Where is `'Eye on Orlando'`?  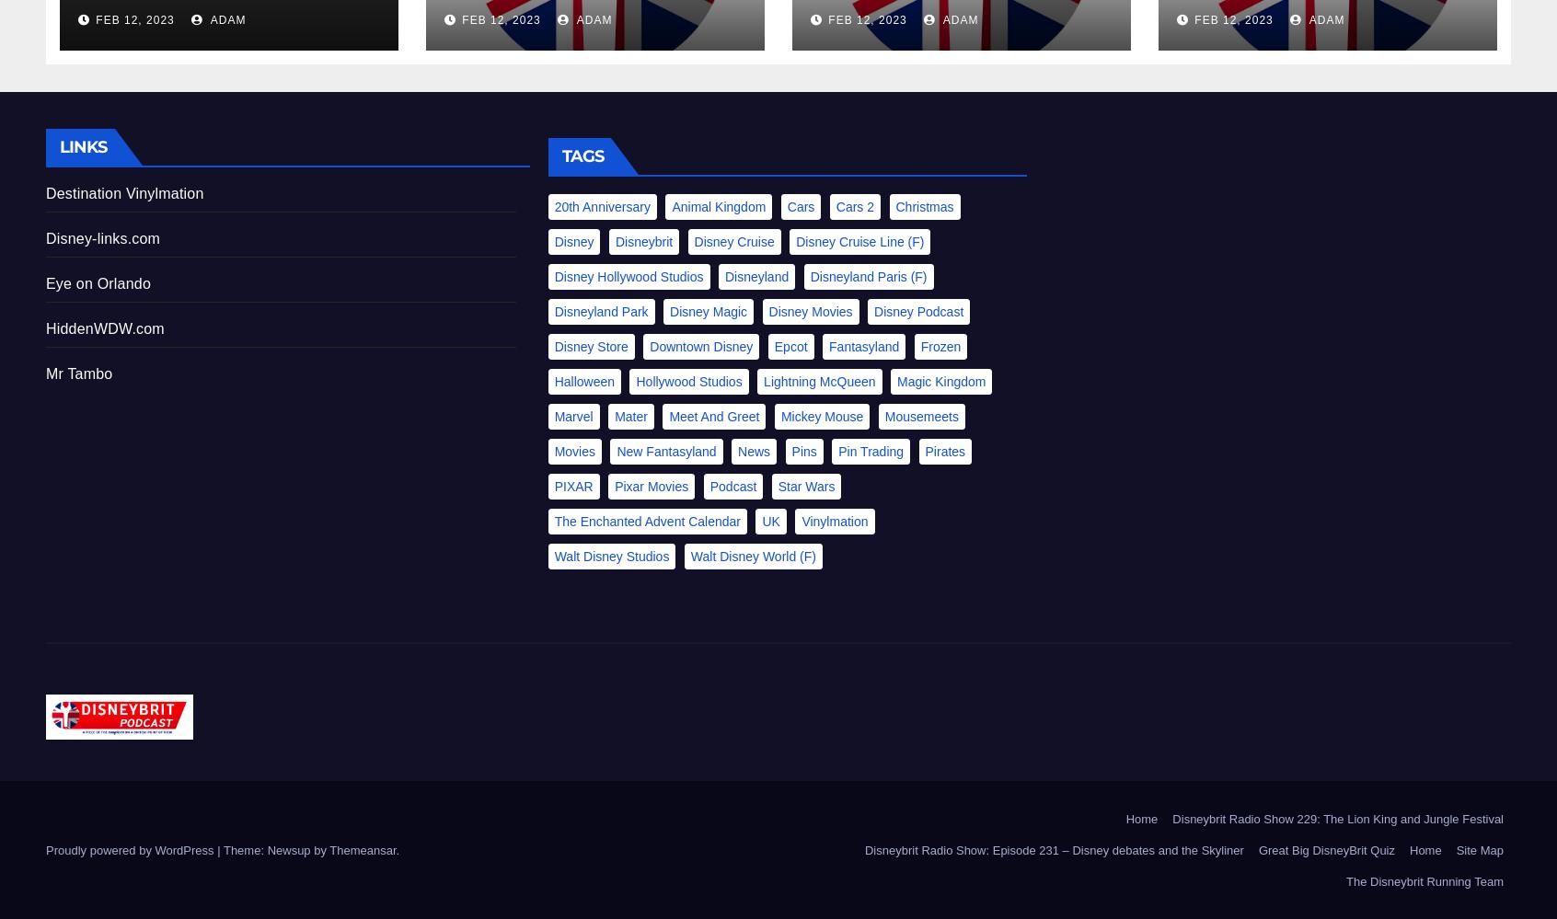 'Eye on Orlando' is located at coordinates (45, 281).